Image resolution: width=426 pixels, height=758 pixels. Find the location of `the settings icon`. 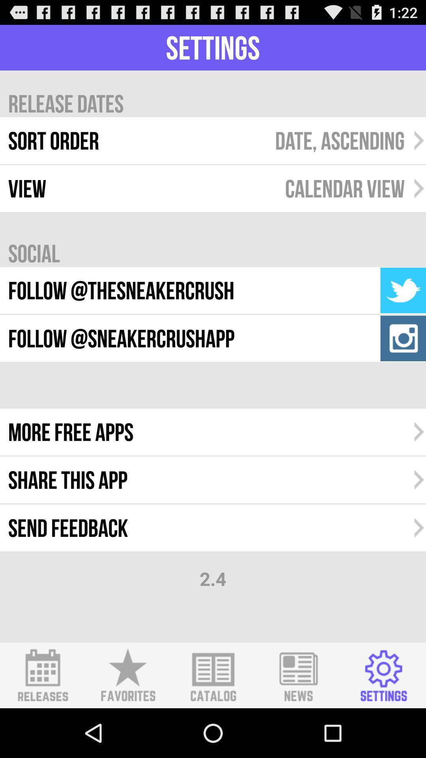

the settings icon is located at coordinates (383, 723).